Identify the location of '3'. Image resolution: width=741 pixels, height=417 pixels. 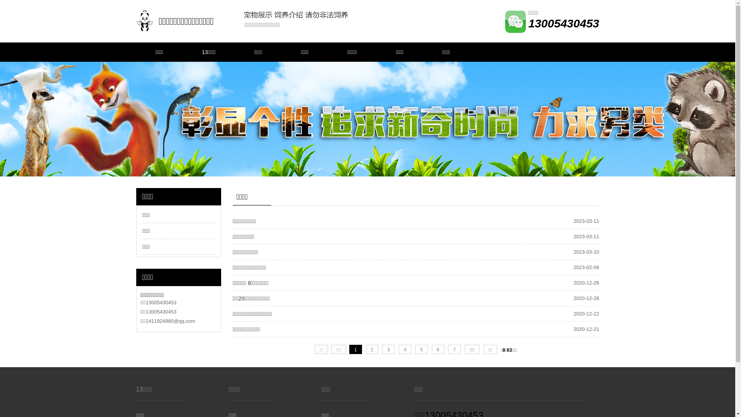
(382, 349).